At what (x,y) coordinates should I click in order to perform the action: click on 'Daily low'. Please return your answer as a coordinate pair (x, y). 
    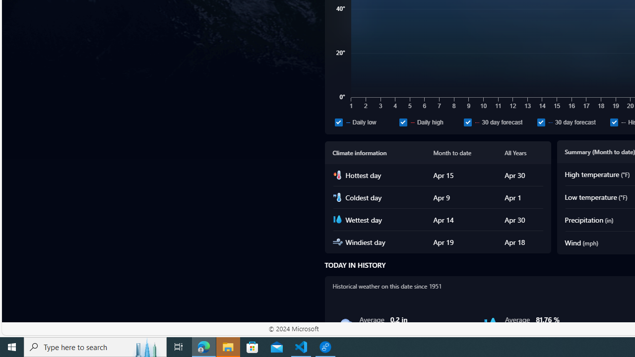
    Looking at the image, I should click on (365, 121).